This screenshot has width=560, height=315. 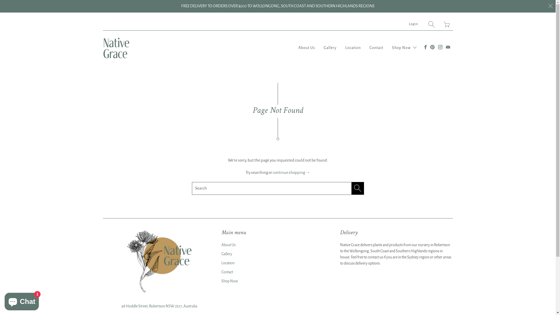 What do you see at coordinates (431, 24) in the screenshot?
I see `'Search'` at bounding box center [431, 24].